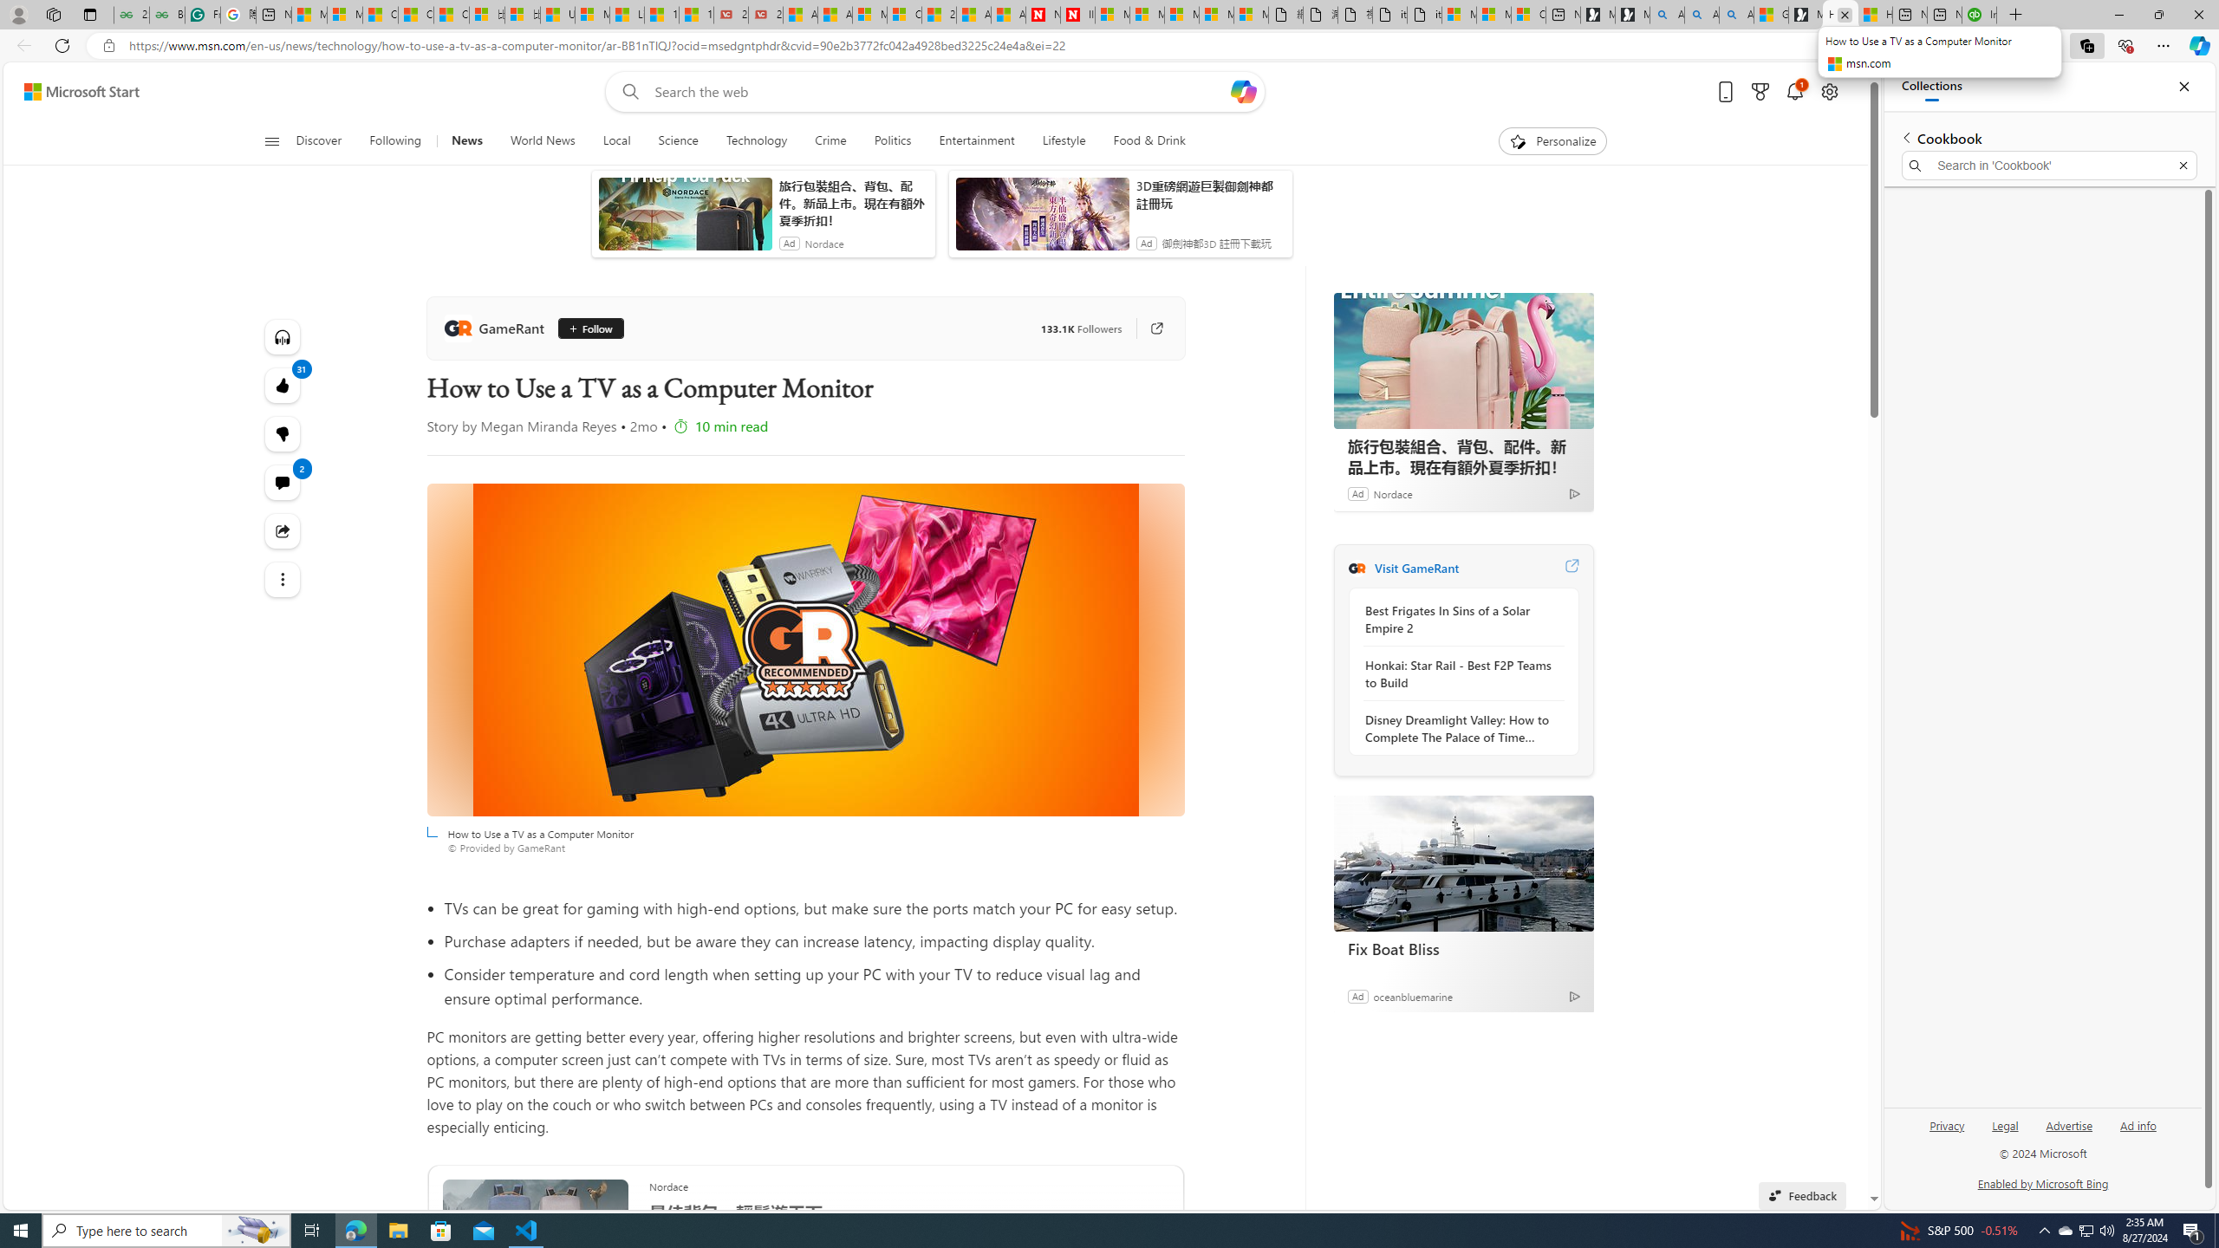 The image size is (2219, 1248). What do you see at coordinates (271, 140) in the screenshot?
I see `'Open navigation menu'` at bounding box center [271, 140].